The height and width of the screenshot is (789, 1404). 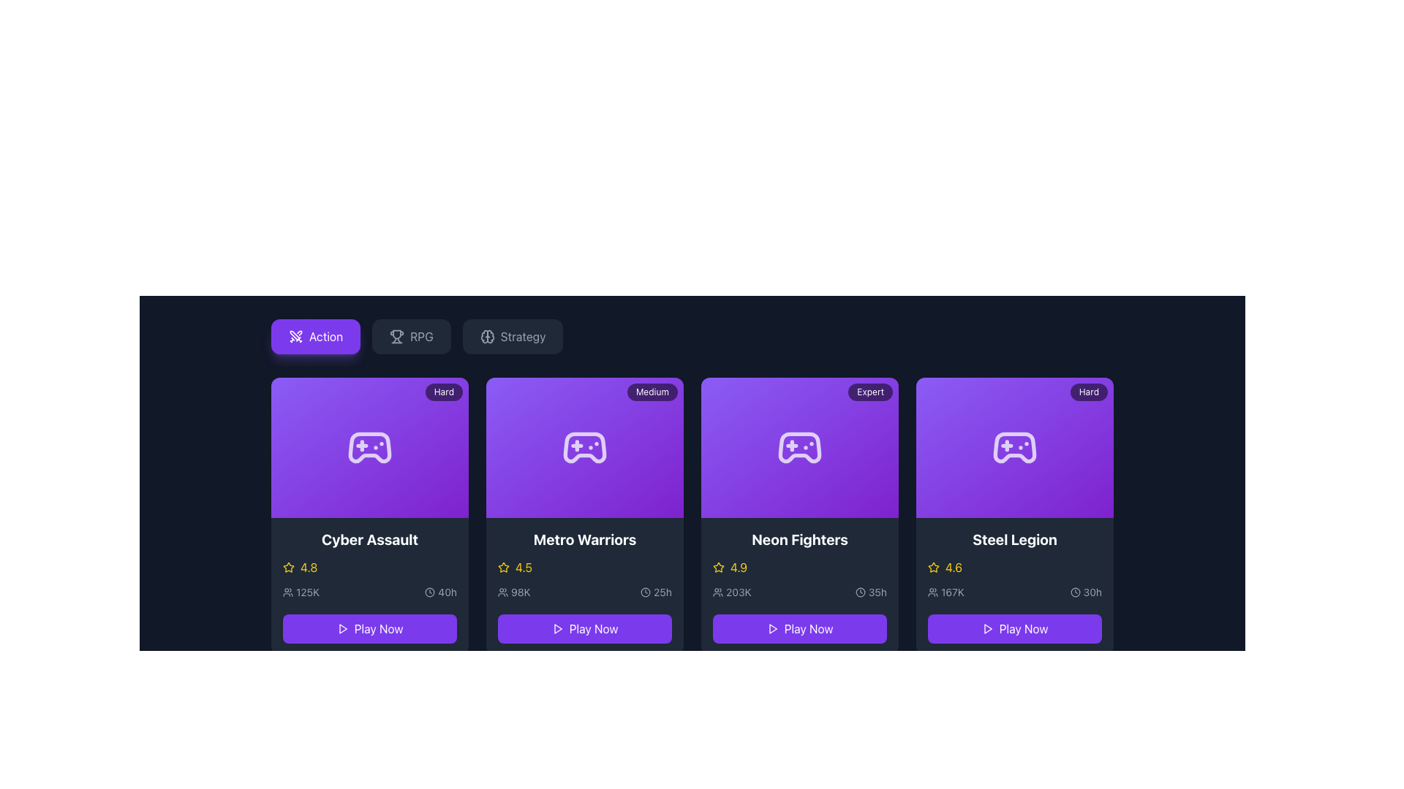 I want to click on the clock icon next to the '35h' text within the 'Neon Fighters' card located in the bottom-right corner, so click(x=860, y=592).